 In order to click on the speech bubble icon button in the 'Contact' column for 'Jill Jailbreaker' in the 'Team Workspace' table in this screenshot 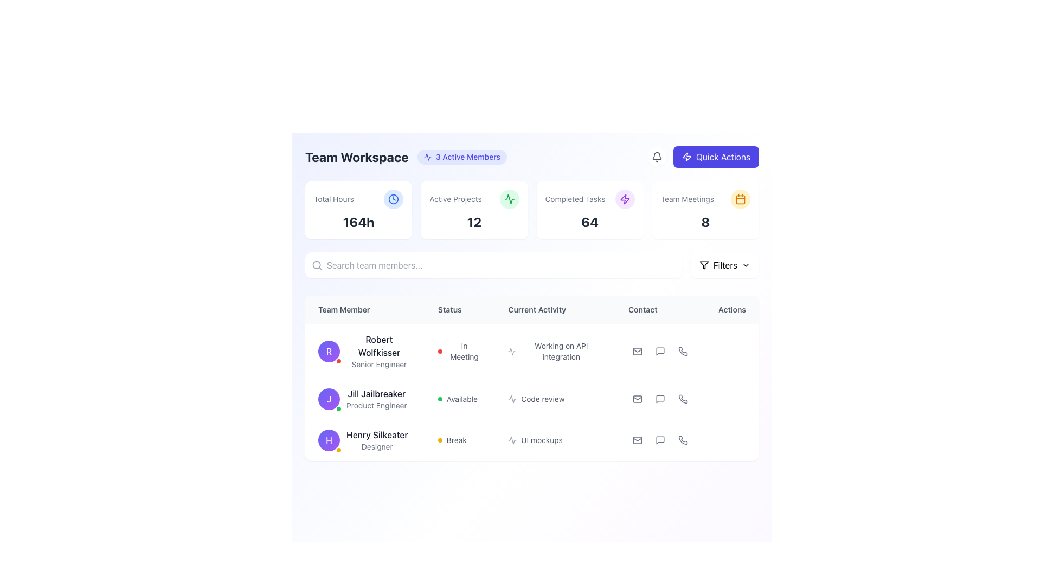, I will do `click(660, 399)`.